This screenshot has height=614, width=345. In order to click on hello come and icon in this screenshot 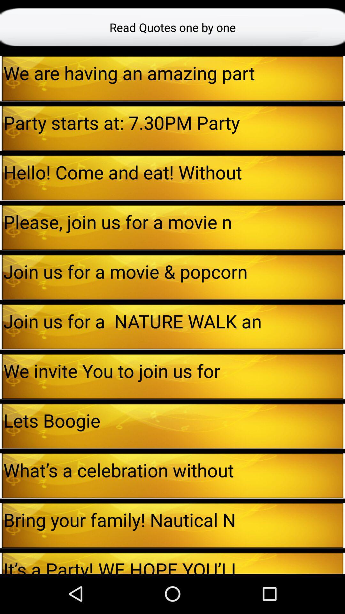, I will do `click(173, 172)`.